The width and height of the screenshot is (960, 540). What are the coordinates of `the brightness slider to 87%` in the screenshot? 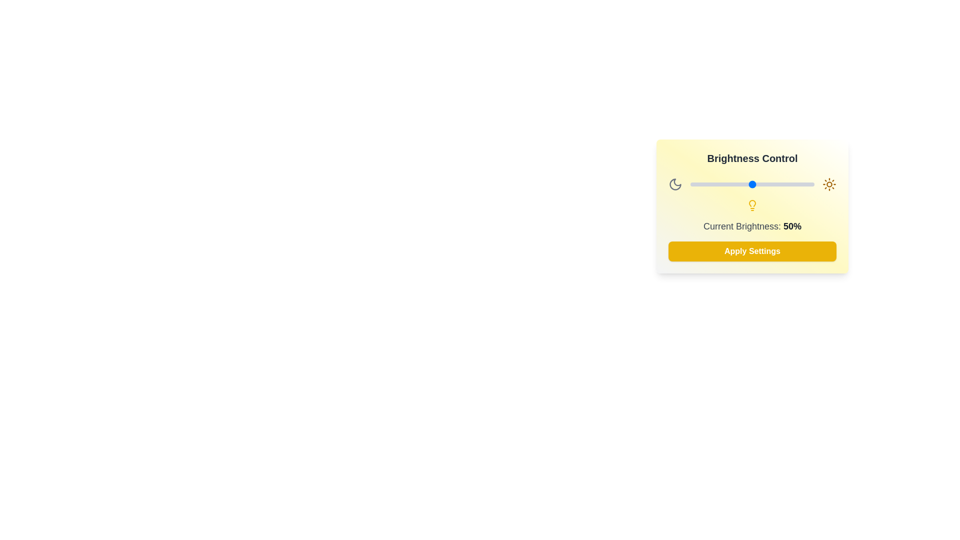 It's located at (797, 184).